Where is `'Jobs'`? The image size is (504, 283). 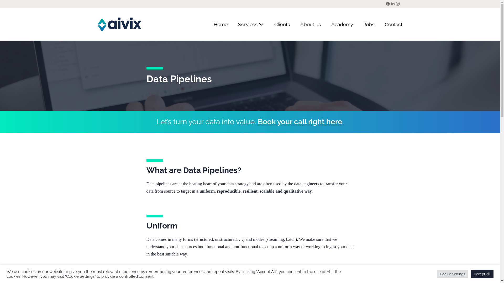 'Jobs' is located at coordinates (368, 24).